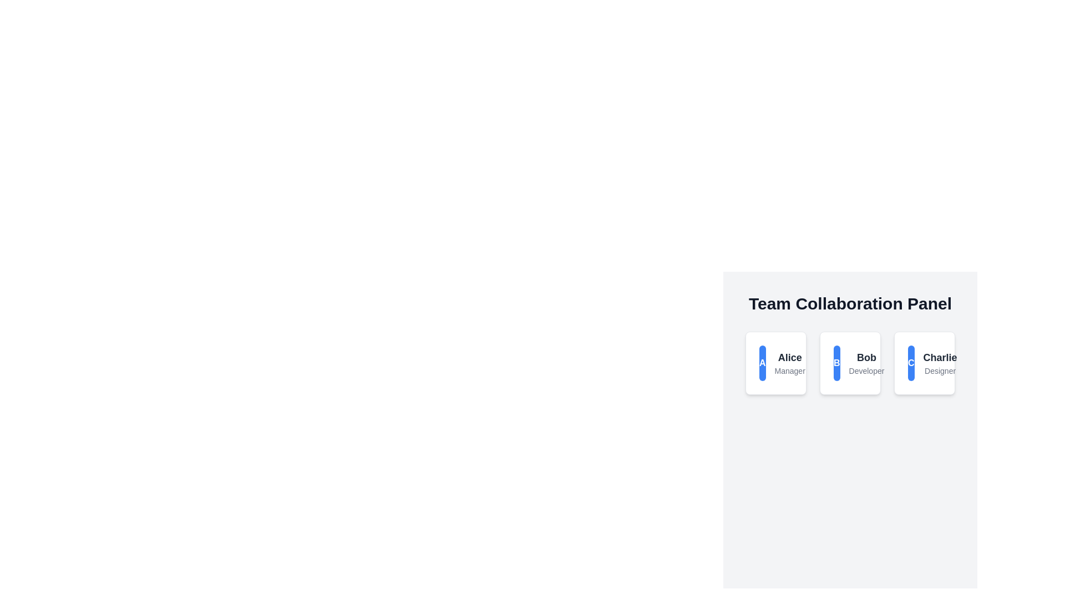  I want to click on on the user profile card for 'Bob' in the Team Collaboration Panel, so click(849, 363).